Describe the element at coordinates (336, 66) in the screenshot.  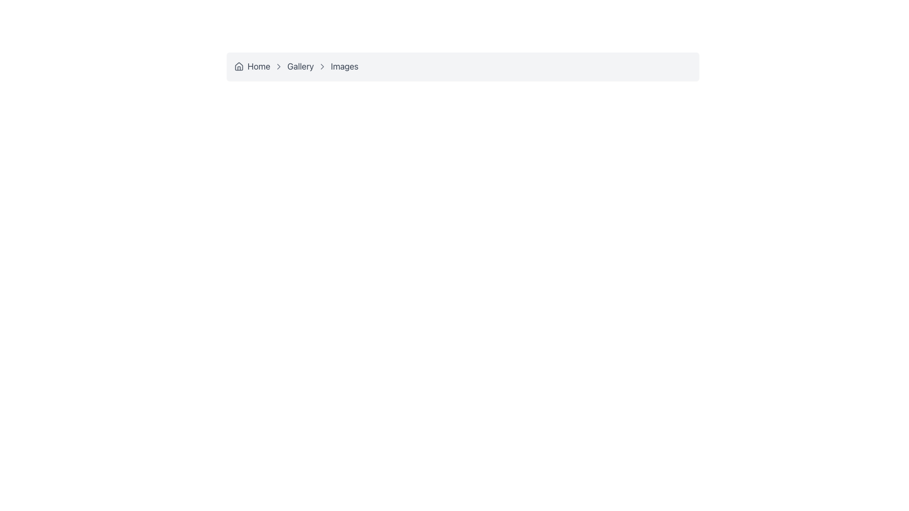
I see `the Breadcrumb Navigation Link that navigates to the 'Images' section, located after 'Gallery' and before a chevron icon` at that location.